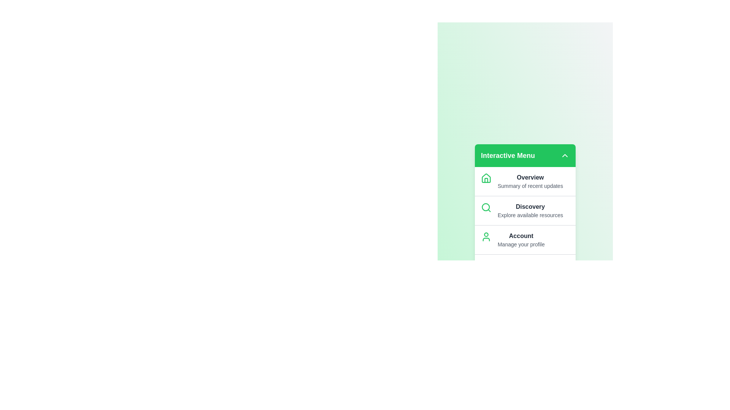 The width and height of the screenshot is (730, 410). What do you see at coordinates (525, 181) in the screenshot?
I see `the menu item labeled Overview to view its hover effect` at bounding box center [525, 181].